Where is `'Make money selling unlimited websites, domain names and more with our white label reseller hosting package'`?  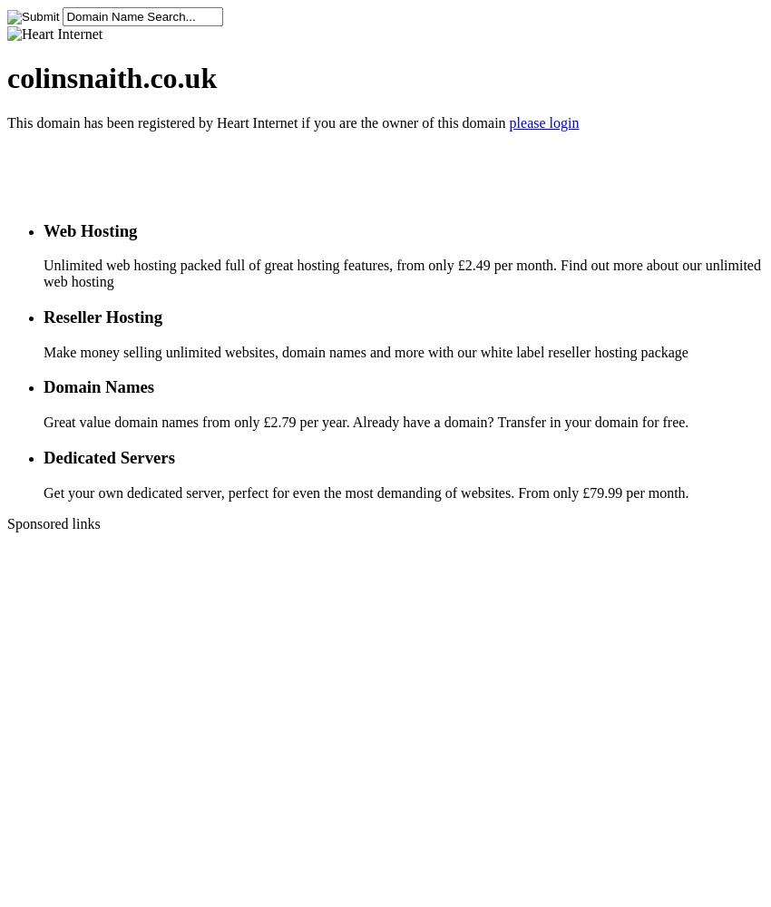
'Make money selling unlimited websites, domain names and more with our white label reseller hosting package' is located at coordinates (365, 351).